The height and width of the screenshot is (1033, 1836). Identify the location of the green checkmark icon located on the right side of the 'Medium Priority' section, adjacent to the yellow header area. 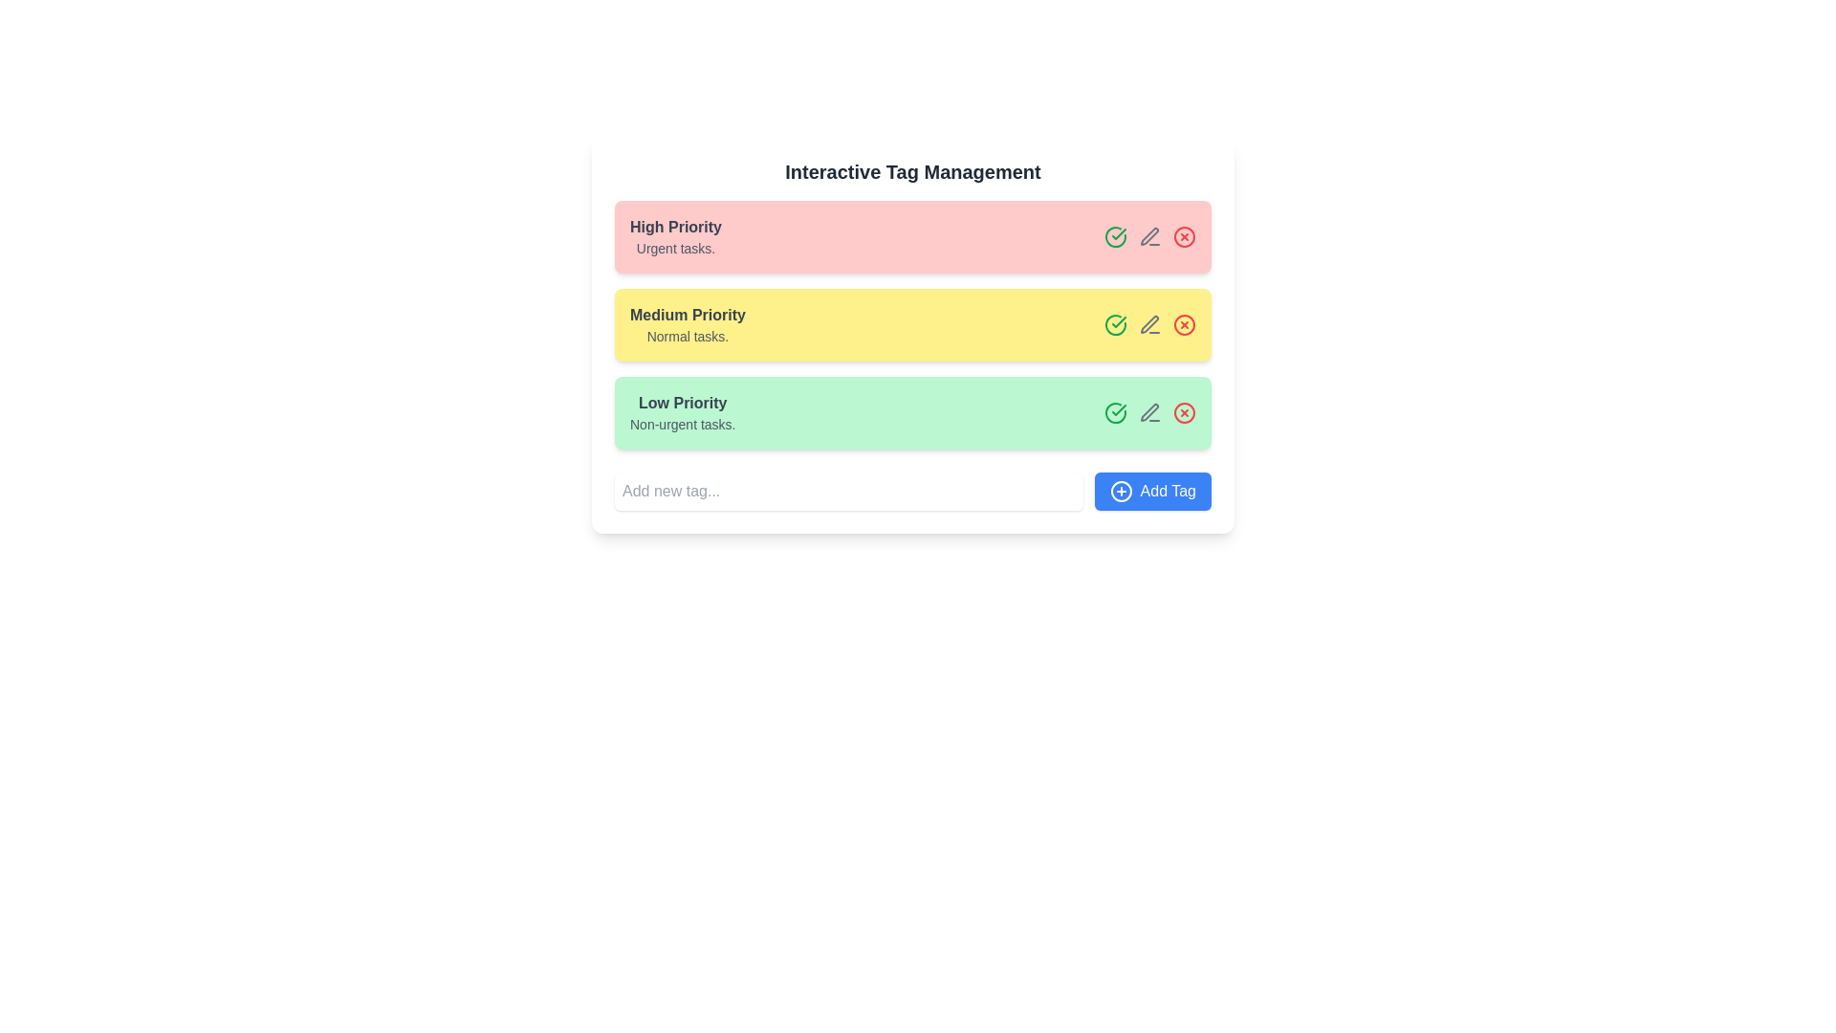
(1115, 323).